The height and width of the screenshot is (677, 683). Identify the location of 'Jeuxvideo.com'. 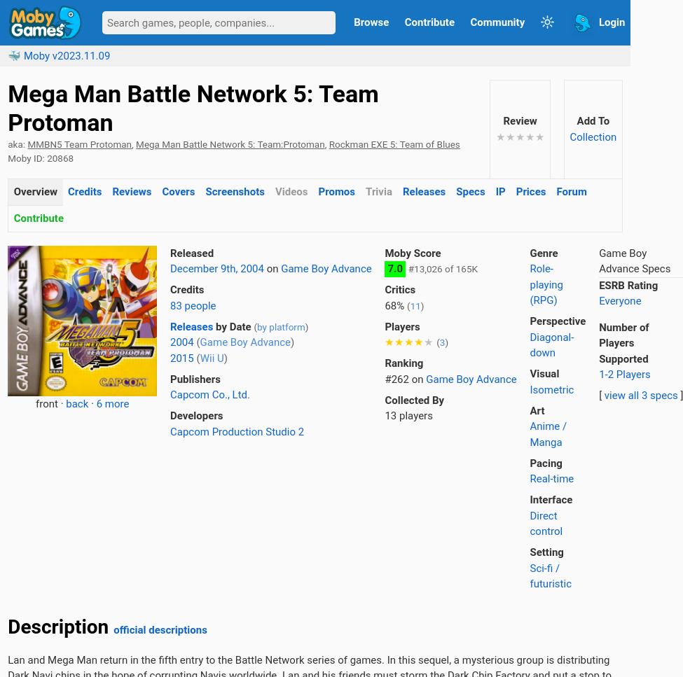
(8, 153).